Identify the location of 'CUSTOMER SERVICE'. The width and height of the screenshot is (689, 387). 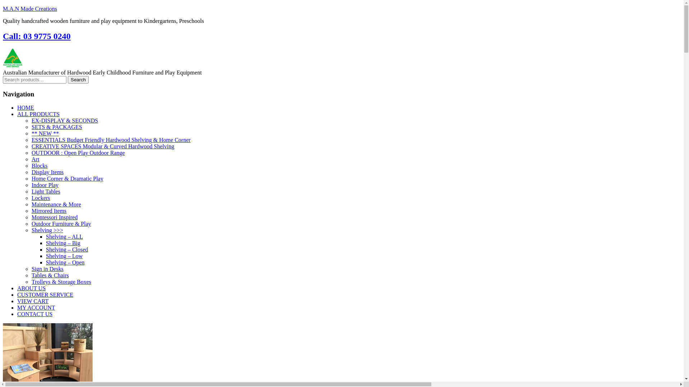
(44, 295).